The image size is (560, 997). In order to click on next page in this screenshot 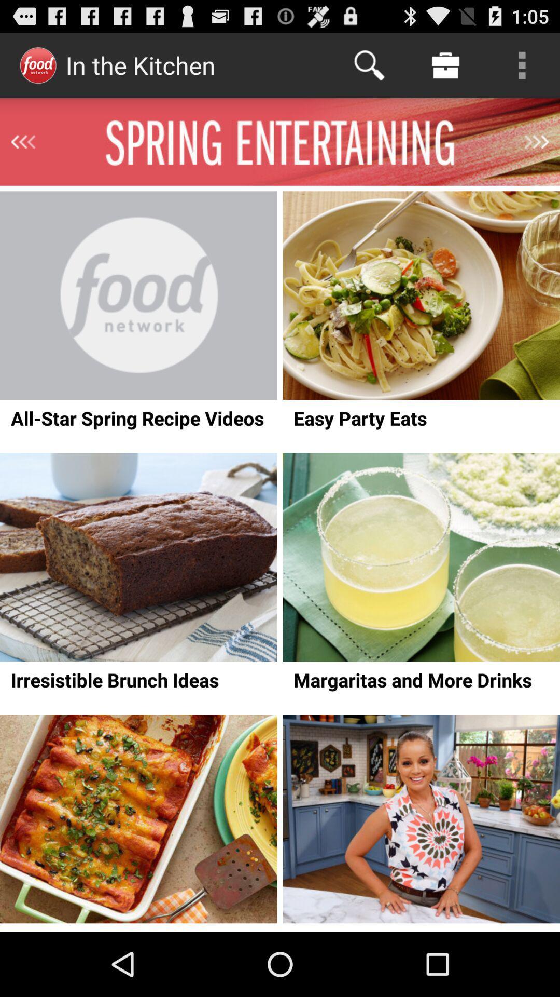, I will do `click(537, 141)`.